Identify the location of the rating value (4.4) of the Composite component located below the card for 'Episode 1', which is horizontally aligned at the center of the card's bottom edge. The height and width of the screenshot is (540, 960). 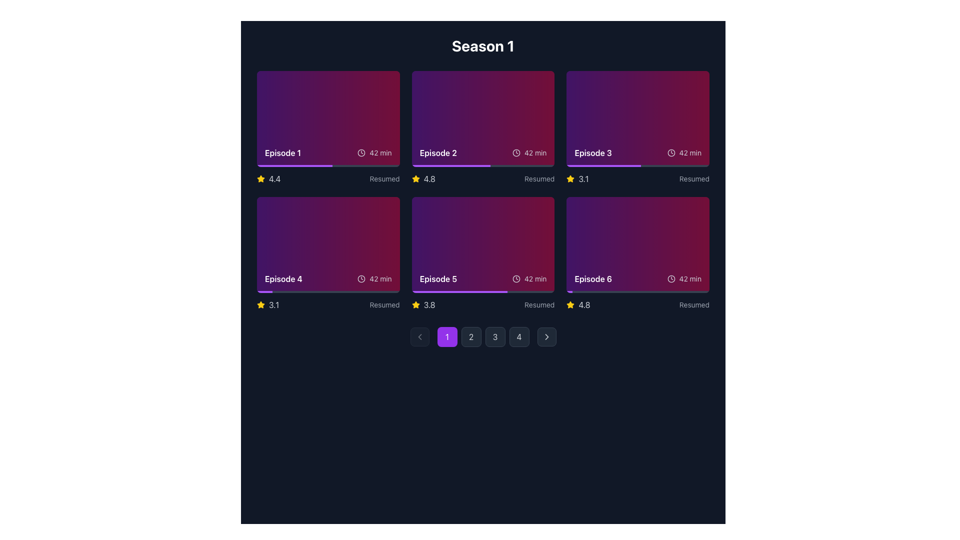
(328, 178).